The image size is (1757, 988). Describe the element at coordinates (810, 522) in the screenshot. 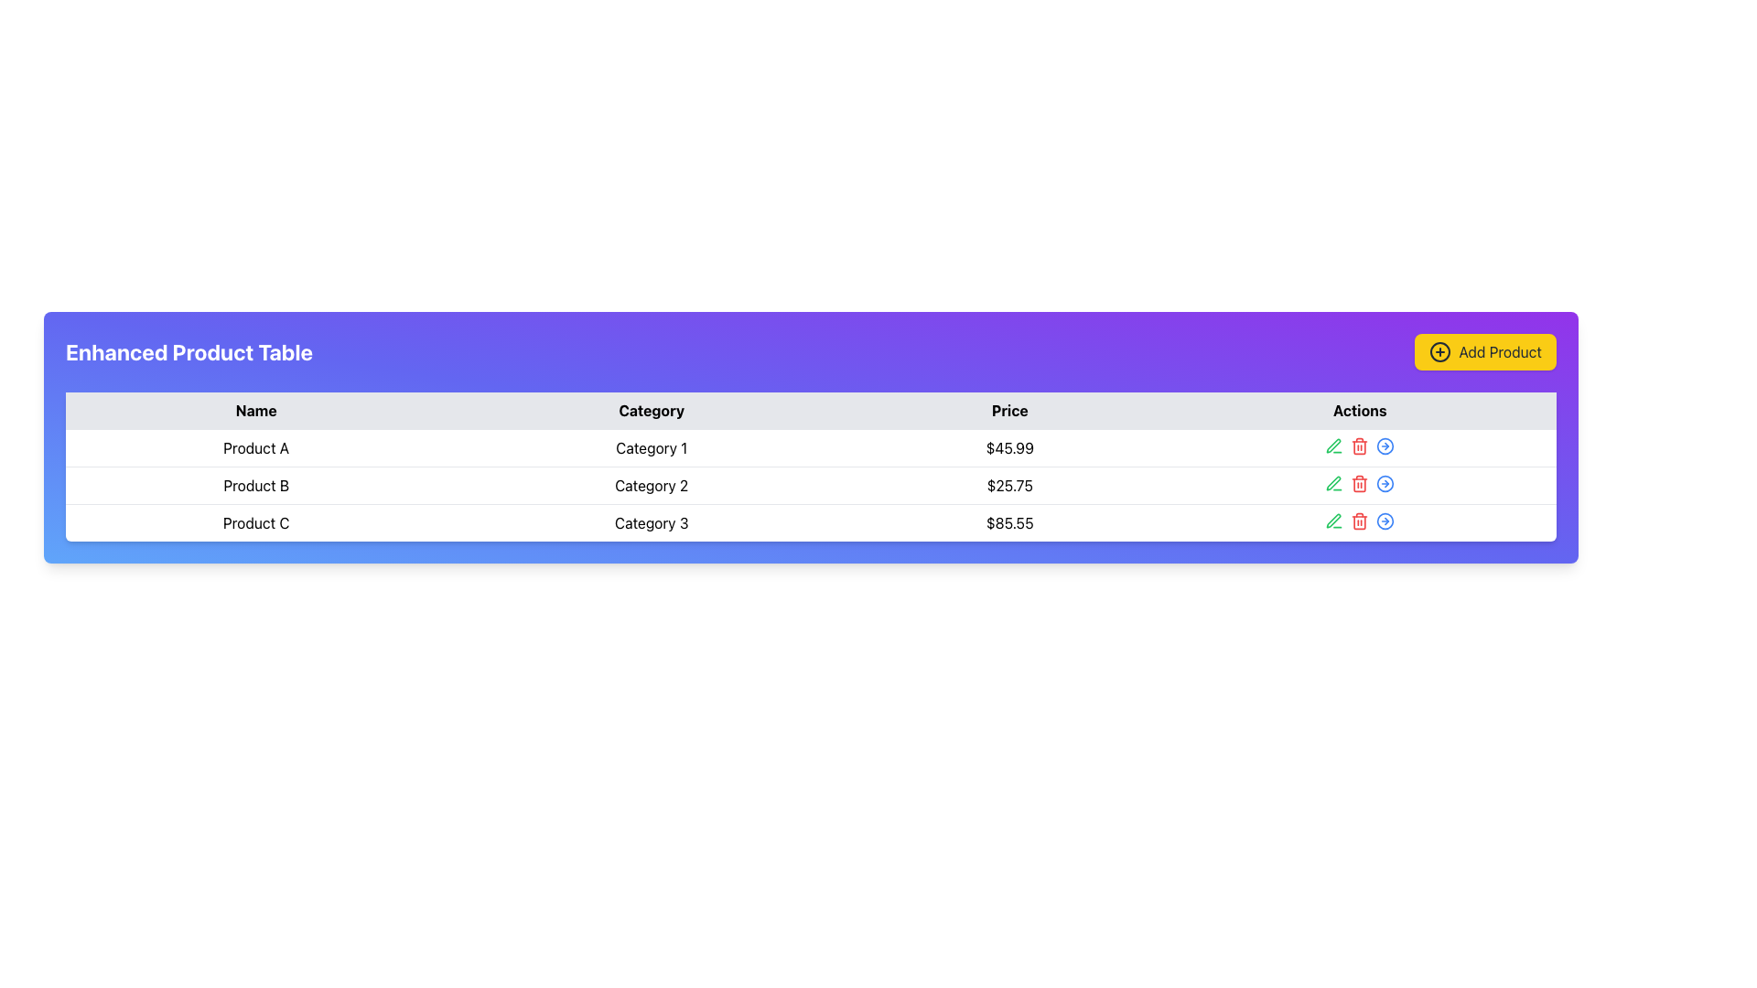

I see `the third row in the 'Enhanced Product Table' that displays information about 'Product C', including its category and price` at that location.